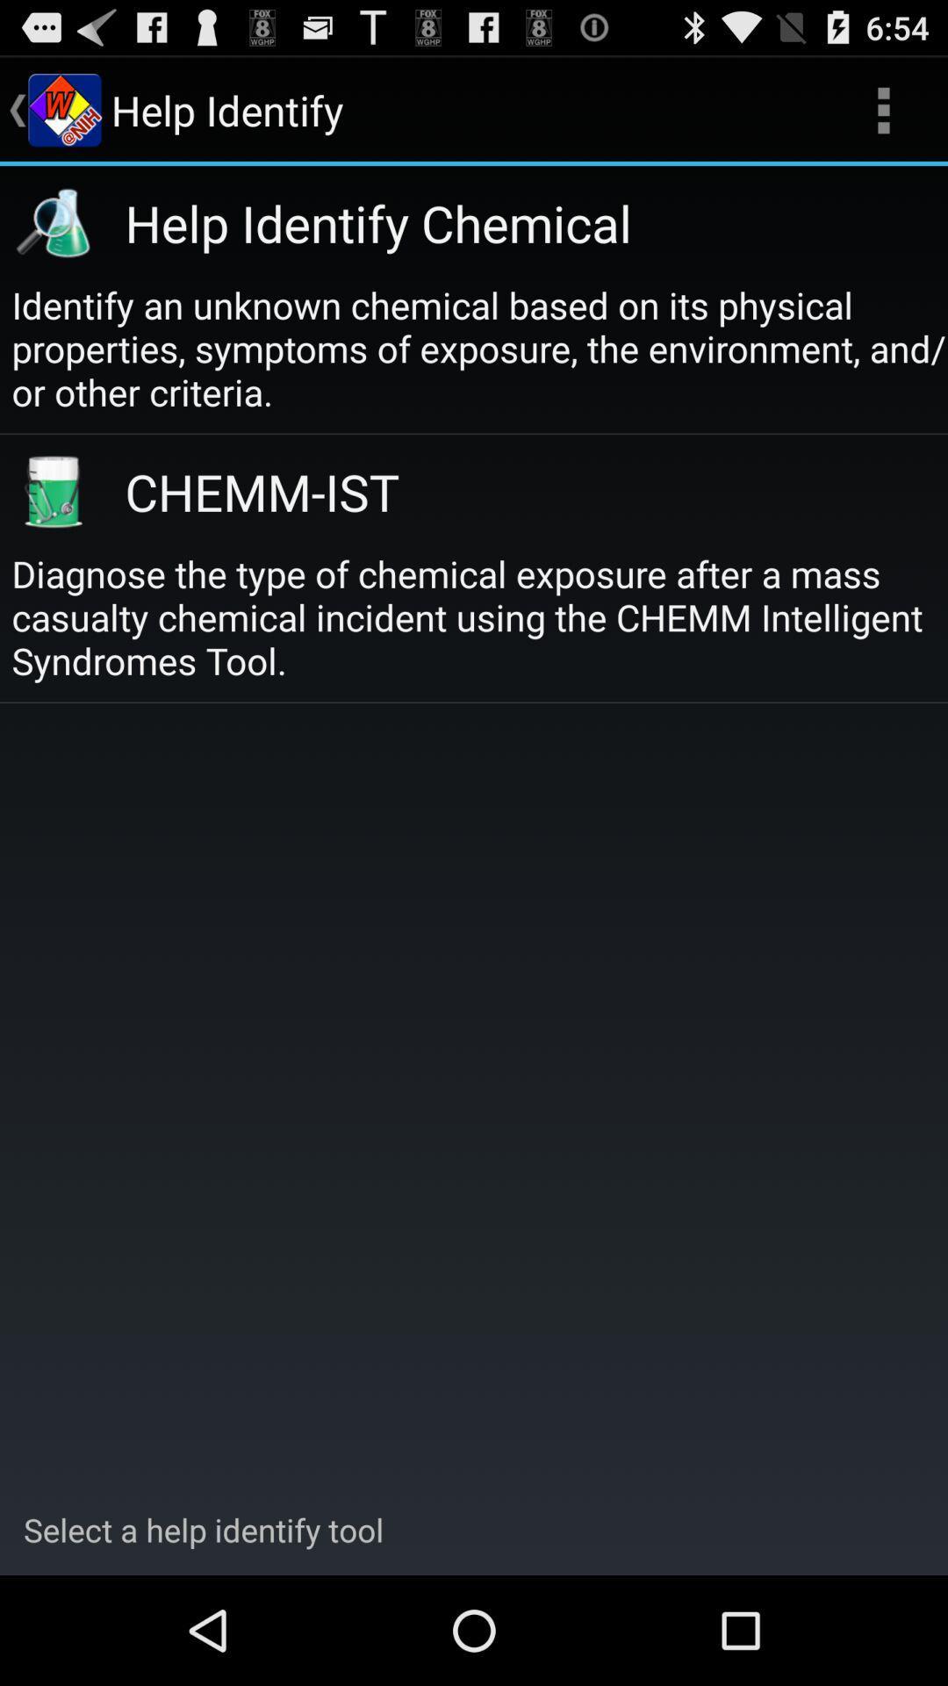 Image resolution: width=948 pixels, height=1686 pixels. What do you see at coordinates (883, 109) in the screenshot?
I see `icon next to help identify item` at bounding box center [883, 109].